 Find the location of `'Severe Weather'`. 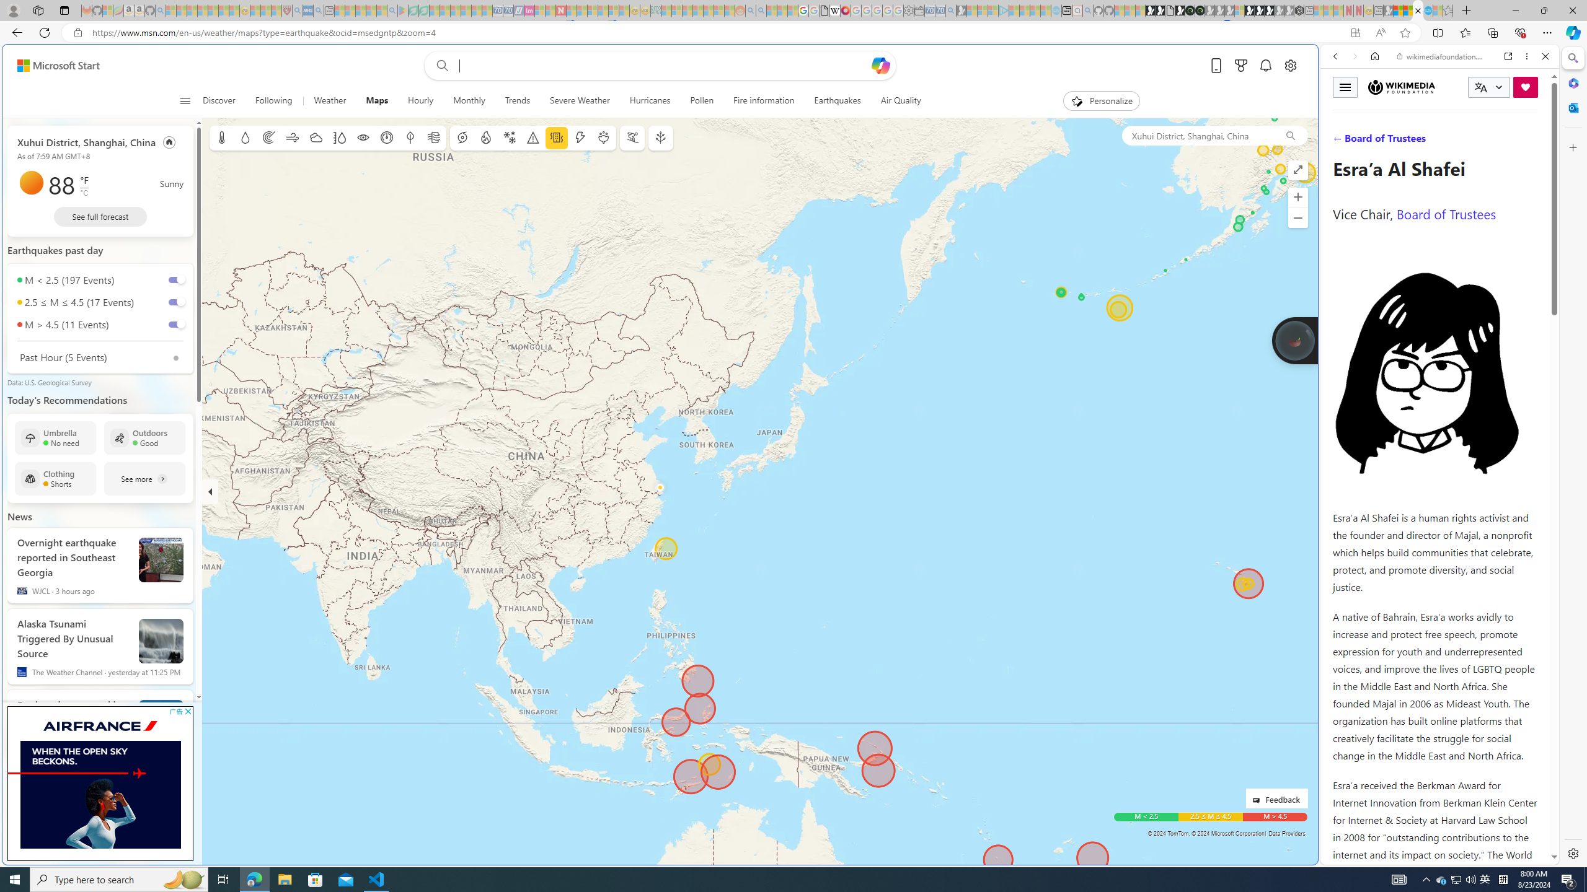

'Severe Weather' is located at coordinates (579, 100).